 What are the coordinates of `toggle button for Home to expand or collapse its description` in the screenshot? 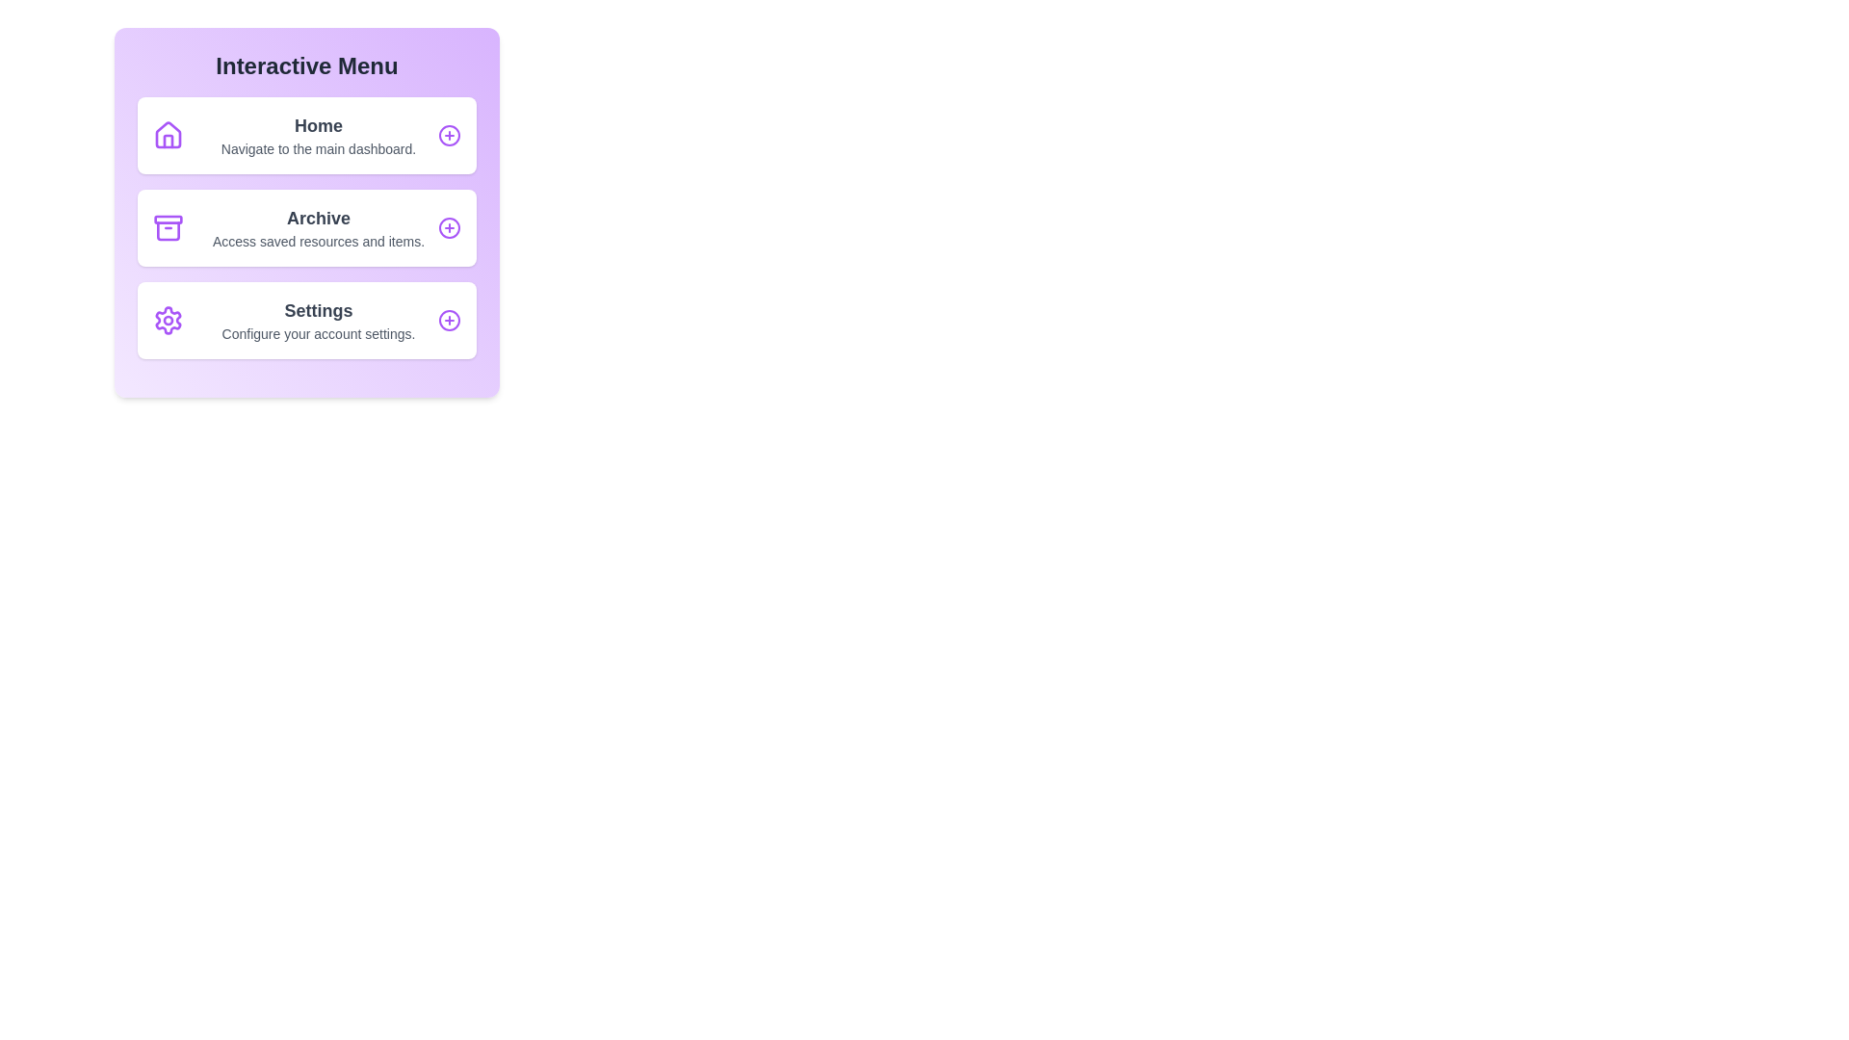 It's located at (448, 135).